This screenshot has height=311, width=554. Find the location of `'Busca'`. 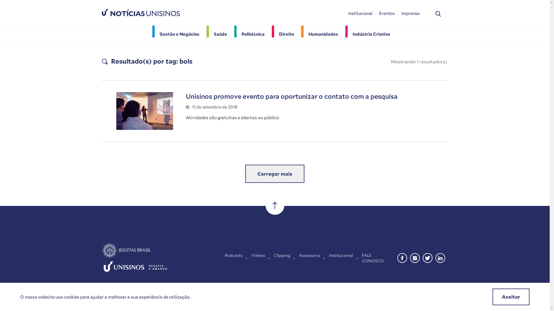

'Busca' is located at coordinates (438, 13).